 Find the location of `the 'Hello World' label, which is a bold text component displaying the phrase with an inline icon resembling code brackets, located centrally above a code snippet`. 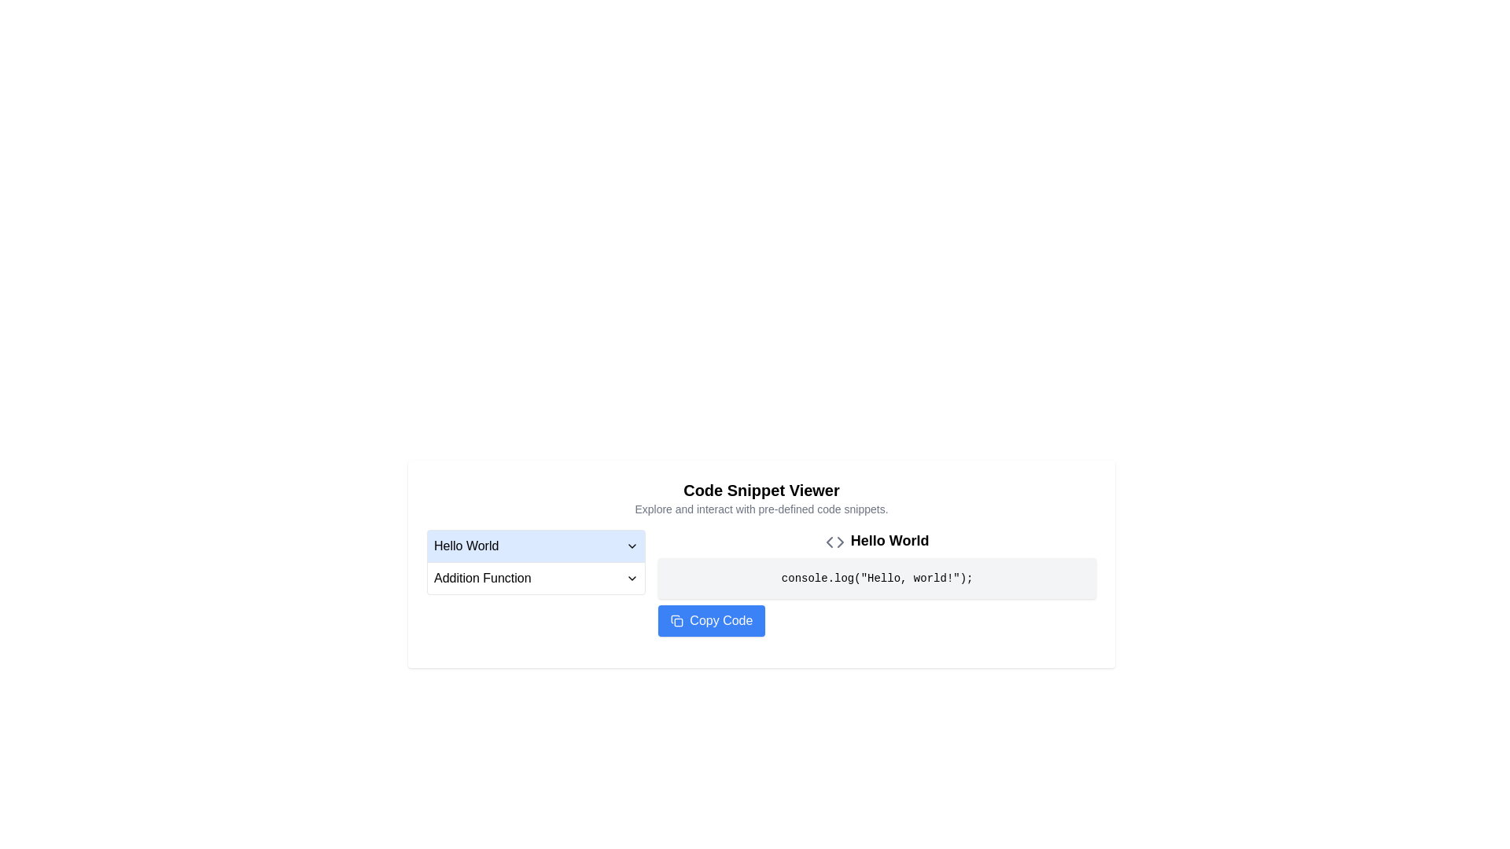

the 'Hello World' label, which is a bold text component displaying the phrase with an inline icon resembling code brackets, located centrally above a code snippet is located at coordinates (876, 539).